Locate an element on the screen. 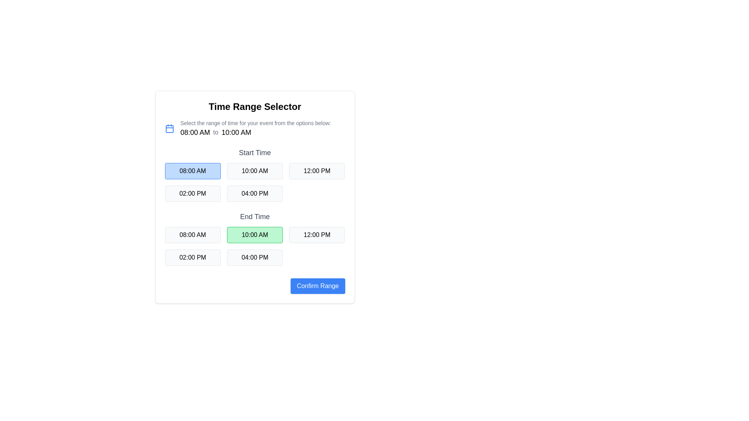 This screenshot has width=749, height=421. the 'End Time' label which indicates the ending time of a range within the 'Time Range Selector' section is located at coordinates (255, 216).